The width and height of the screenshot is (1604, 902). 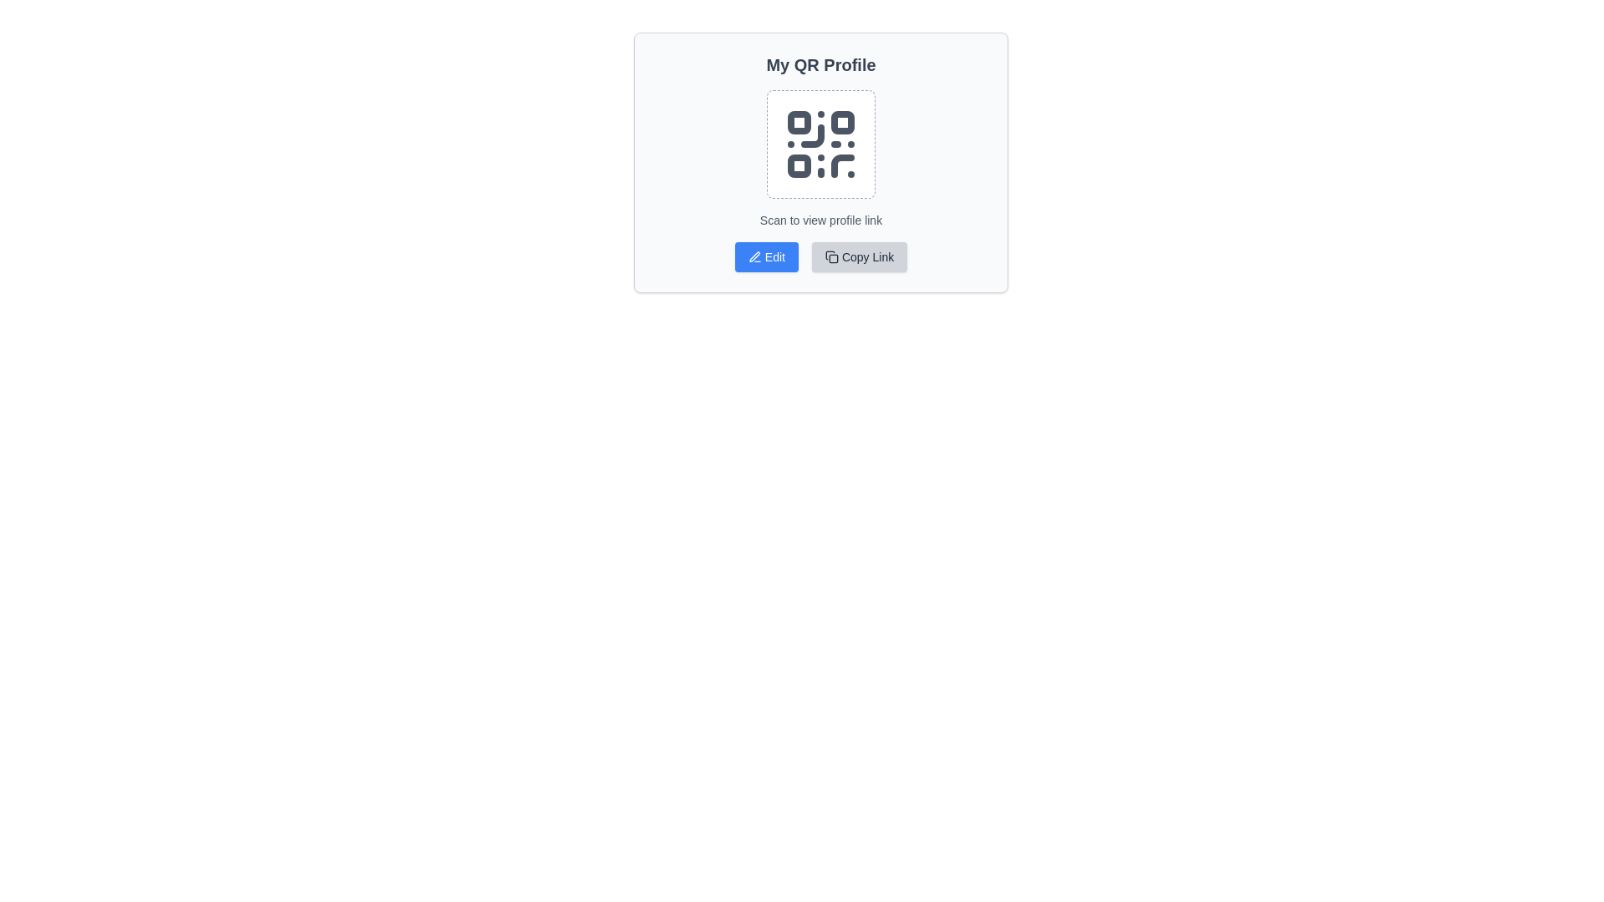 I want to click on the visual QR code in the 'My QR Profile' panel, which is located below the heading and above the 'Edit' and 'Copy Link' buttons, so click(x=821, y=144).